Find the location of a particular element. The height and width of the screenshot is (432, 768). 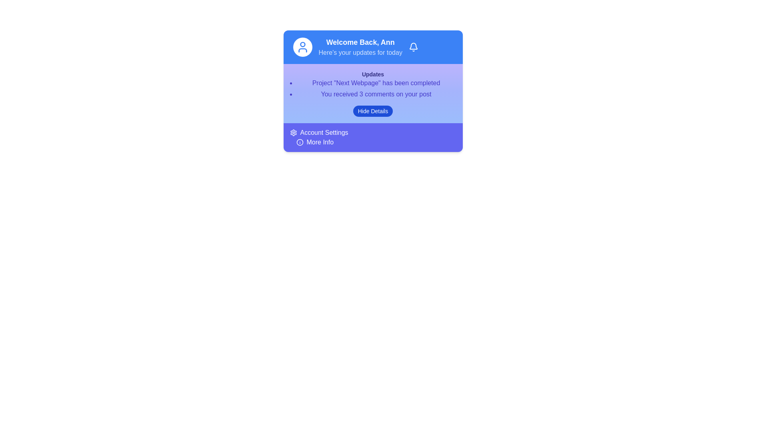

text label 'Updates' which is displayed in bold indigo blue font against a light purple background, positioned at the top of the updates section is located at coordinates (372, 74).